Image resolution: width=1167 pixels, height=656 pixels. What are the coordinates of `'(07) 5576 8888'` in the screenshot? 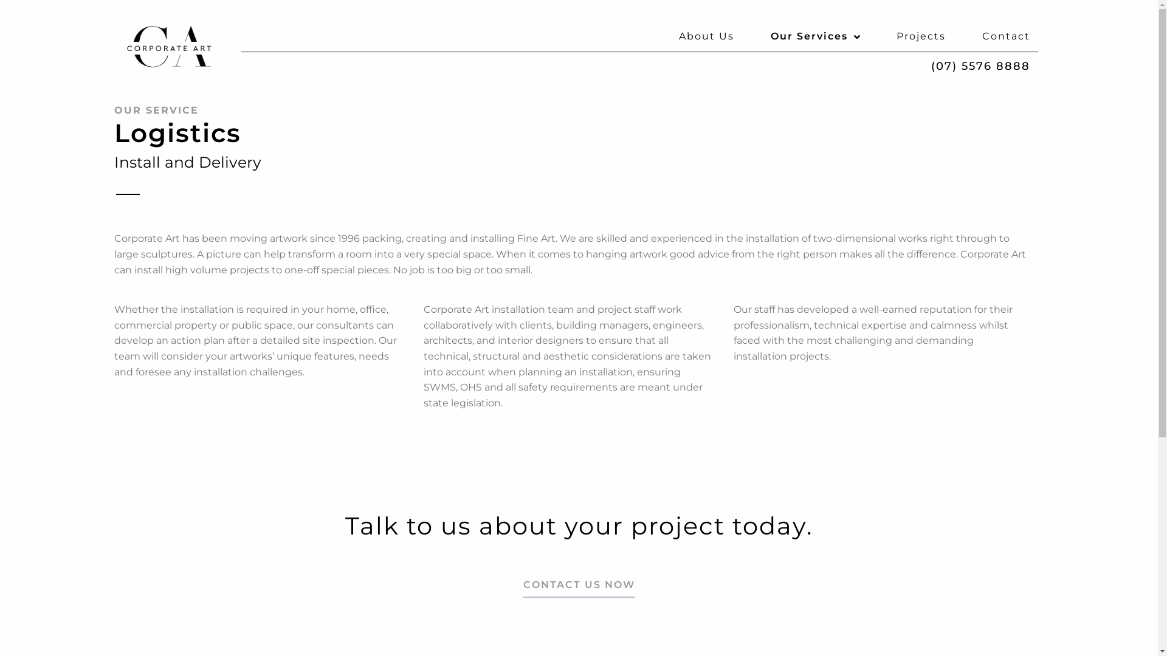 It's located at (980, 66).